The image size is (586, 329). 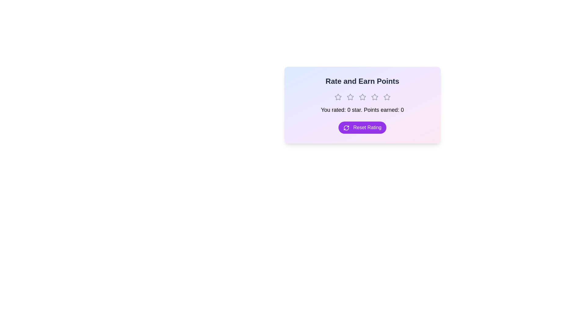 I want to click on the rating to 3 stars by clicking on the corresponding star, so click(x=362, y=97).